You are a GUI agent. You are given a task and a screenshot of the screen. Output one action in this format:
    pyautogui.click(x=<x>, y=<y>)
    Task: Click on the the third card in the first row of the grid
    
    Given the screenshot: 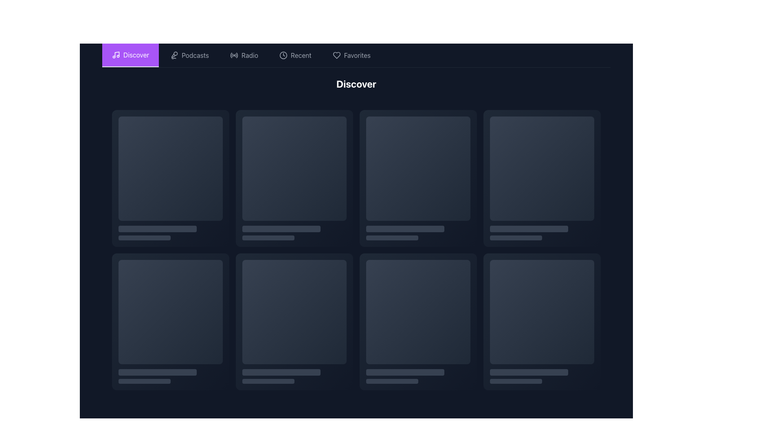 What is the action you would take?
    pyautogui.click(x=418, y=178)
    